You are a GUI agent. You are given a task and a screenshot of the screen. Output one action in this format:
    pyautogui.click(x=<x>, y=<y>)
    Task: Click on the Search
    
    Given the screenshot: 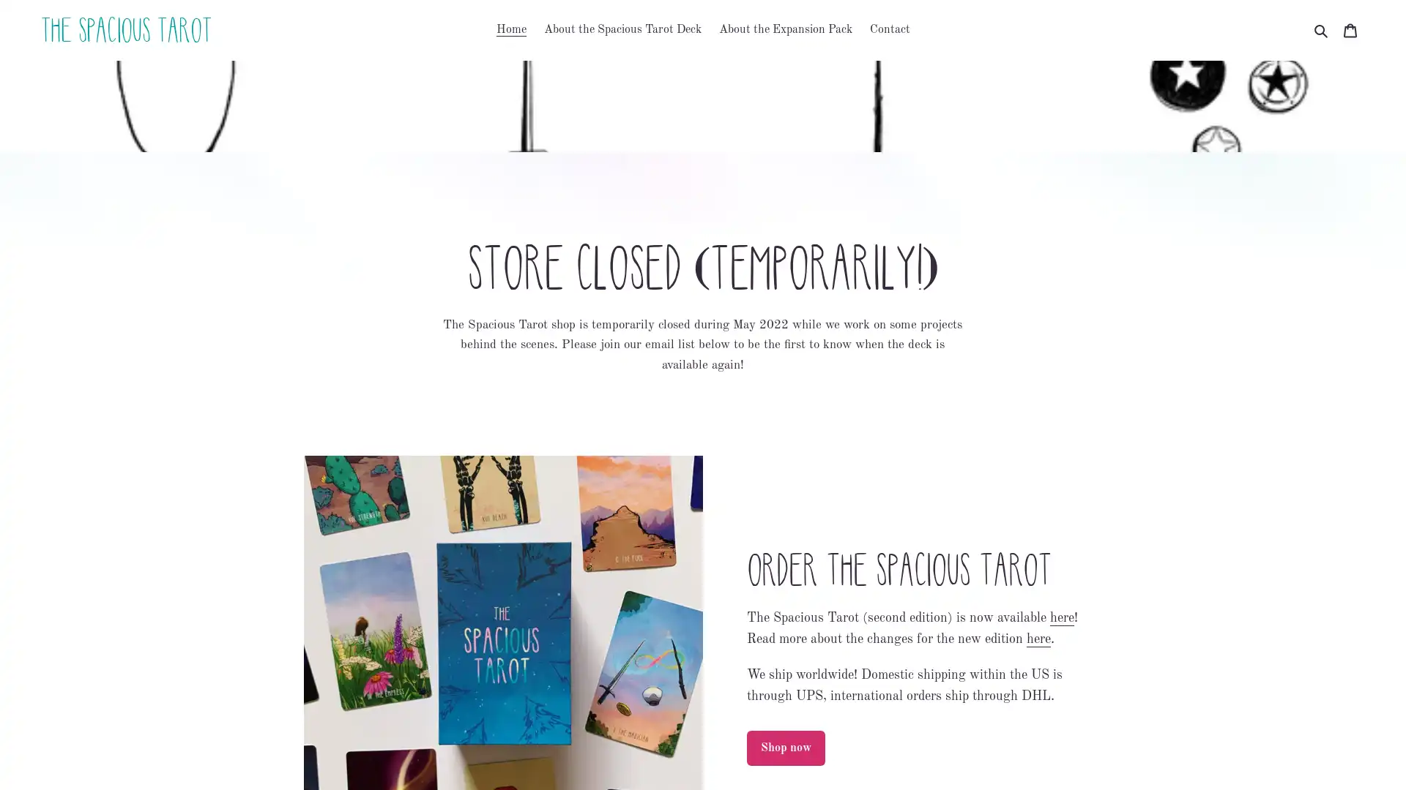 What is the action you would take?
    pyautogui.click(x=1322, y=30)
    